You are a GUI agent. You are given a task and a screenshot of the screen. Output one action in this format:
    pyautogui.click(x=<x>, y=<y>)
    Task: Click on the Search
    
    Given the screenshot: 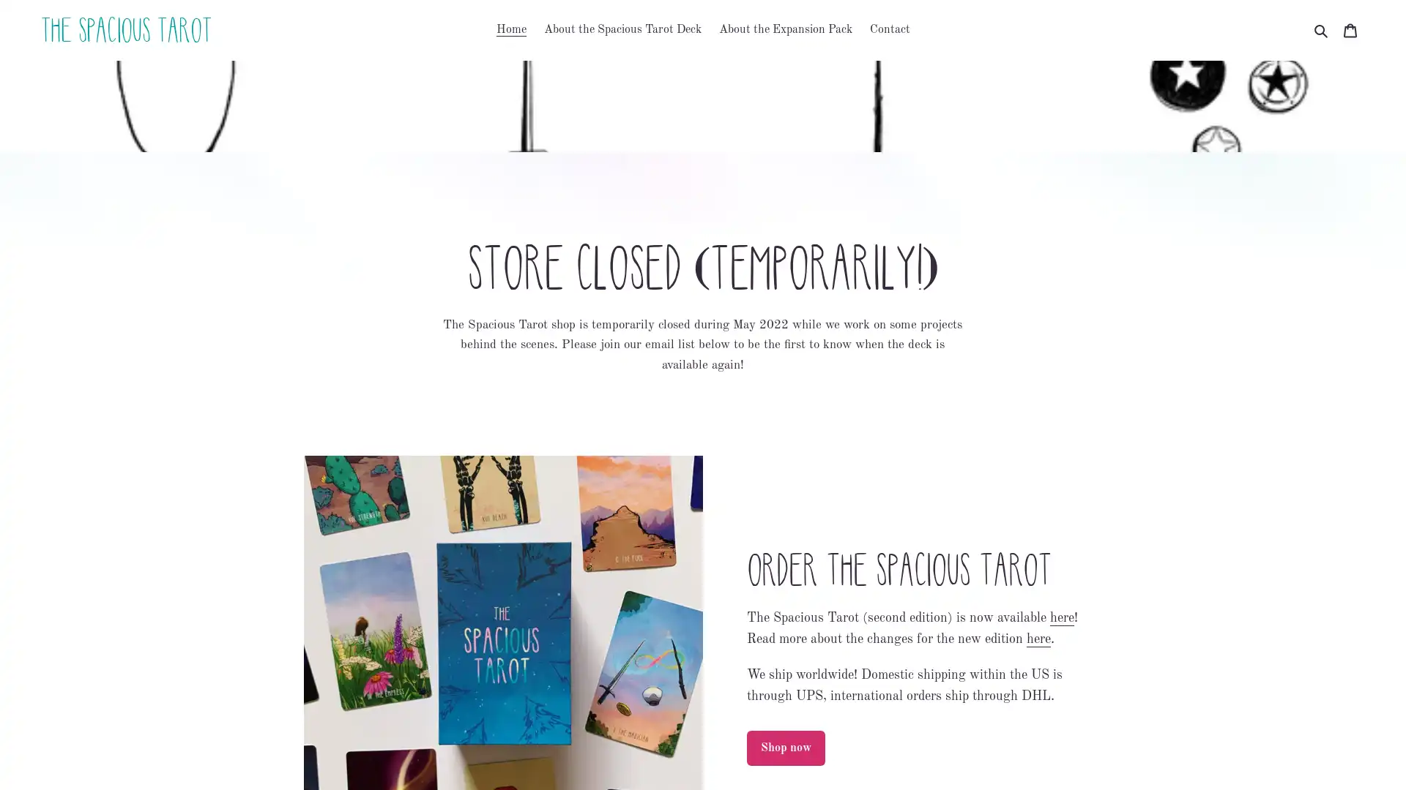 What is the action you would take?
    pyautogui.click(x=1322, y=30)
    